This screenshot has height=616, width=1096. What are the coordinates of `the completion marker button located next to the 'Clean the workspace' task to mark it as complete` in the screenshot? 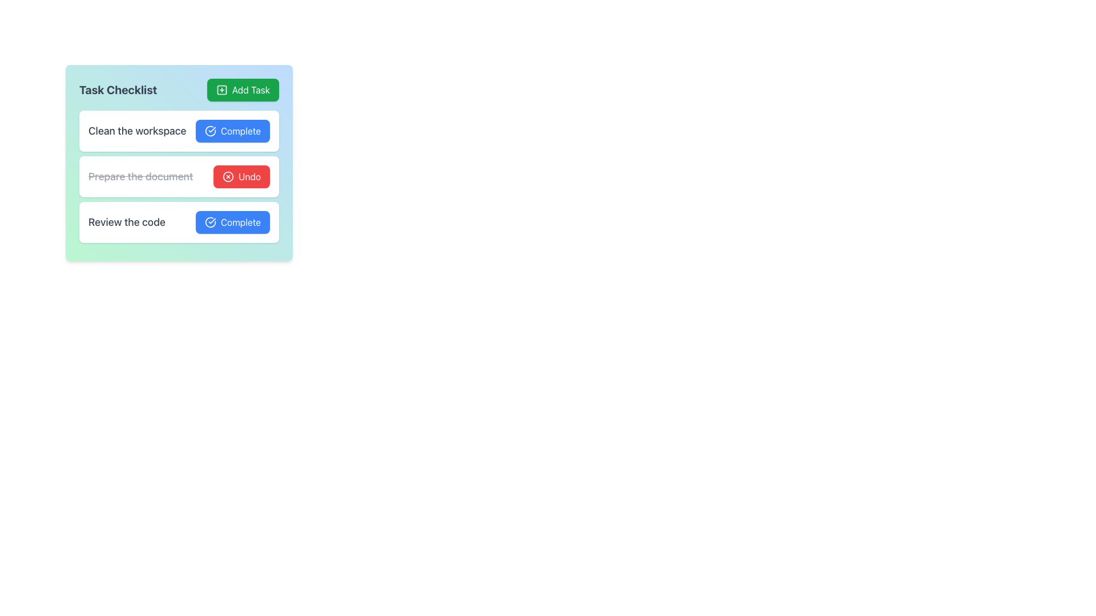 It's located at (232, 131).